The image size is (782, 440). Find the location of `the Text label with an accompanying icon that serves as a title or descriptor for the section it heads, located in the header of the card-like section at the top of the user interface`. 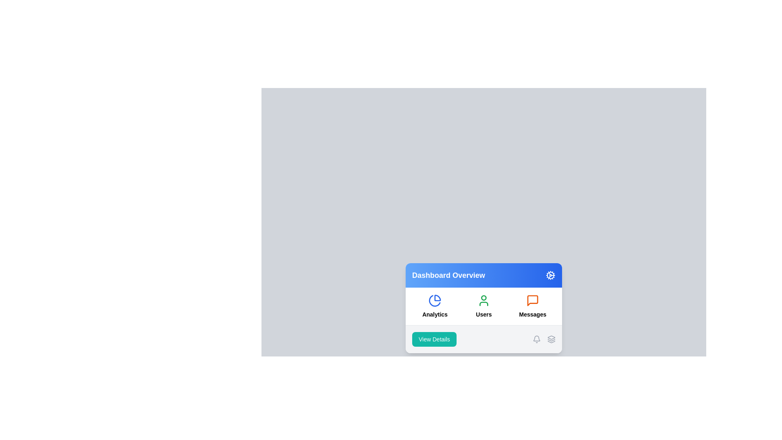

the Text label with an accompanying icon that serves as a title or descriptor for the section it heads, located in the header of the card-like section at the top of the user interface is located at coordinates (484, 275).